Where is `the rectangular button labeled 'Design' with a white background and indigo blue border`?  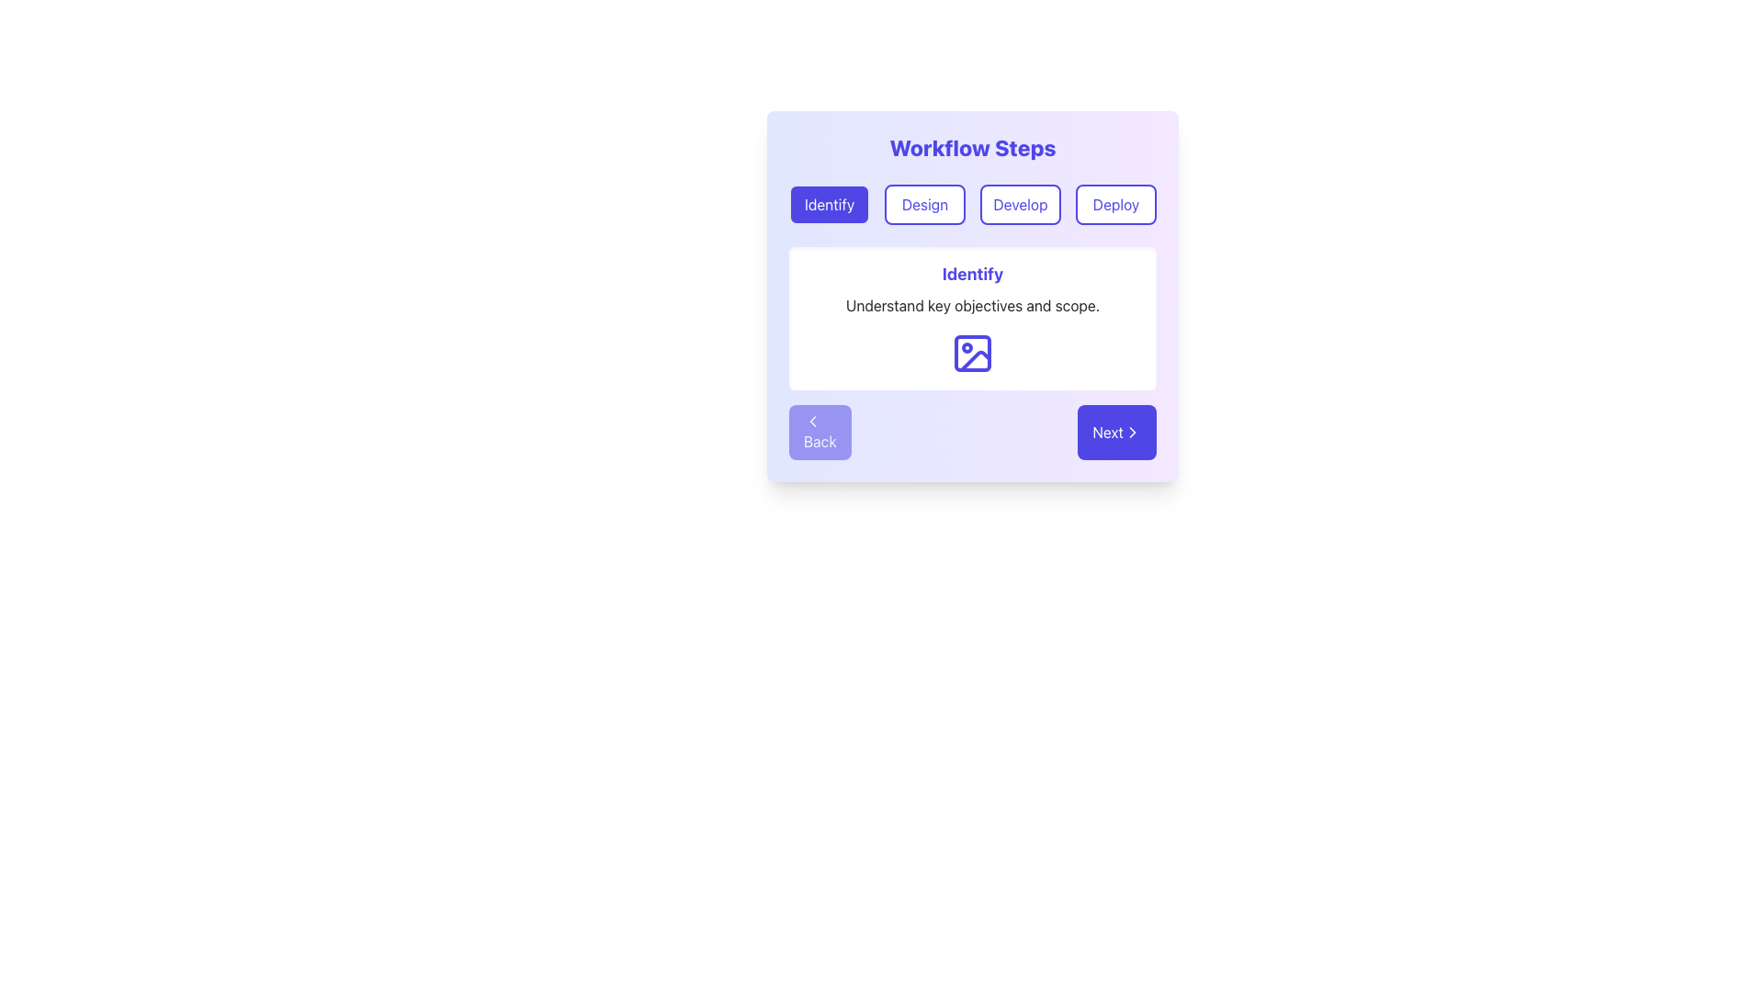 the rectangular button labeled 'Design' with a white background and indigo blue border is located at coordinates (925, 205).